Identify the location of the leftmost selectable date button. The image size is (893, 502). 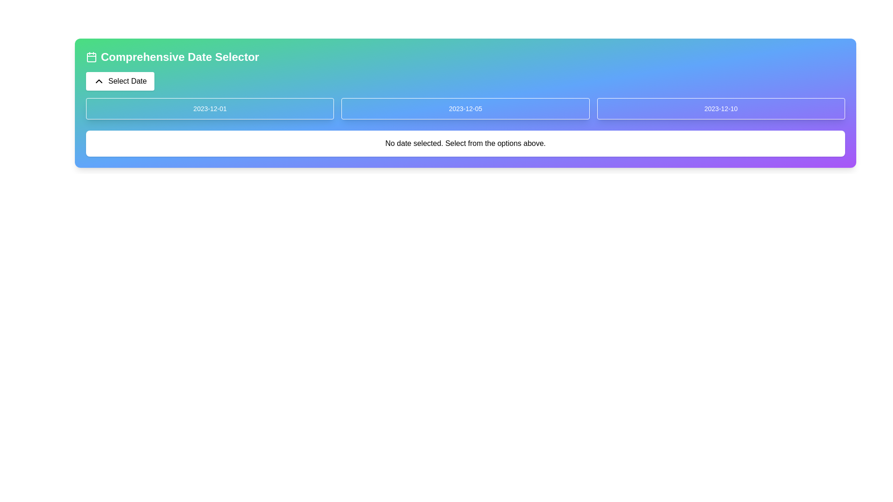
(209, 108).